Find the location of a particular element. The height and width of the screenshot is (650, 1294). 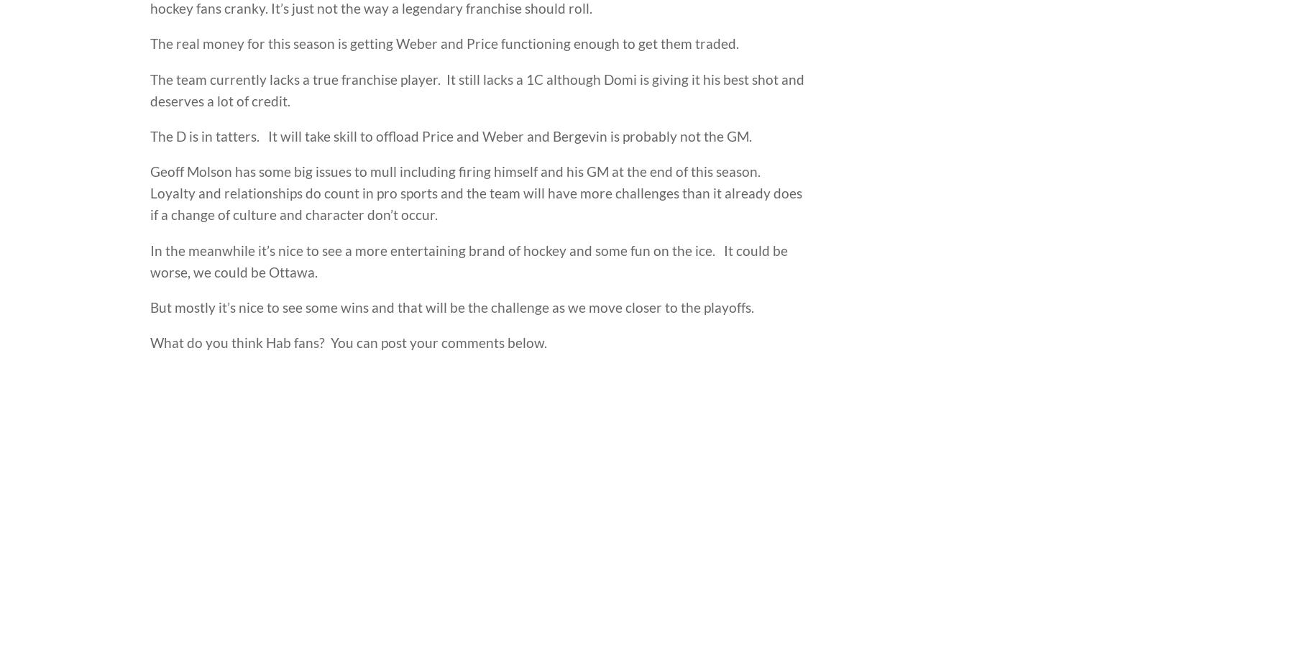

'Health & Wellness' is located at coordinates (573, 400).